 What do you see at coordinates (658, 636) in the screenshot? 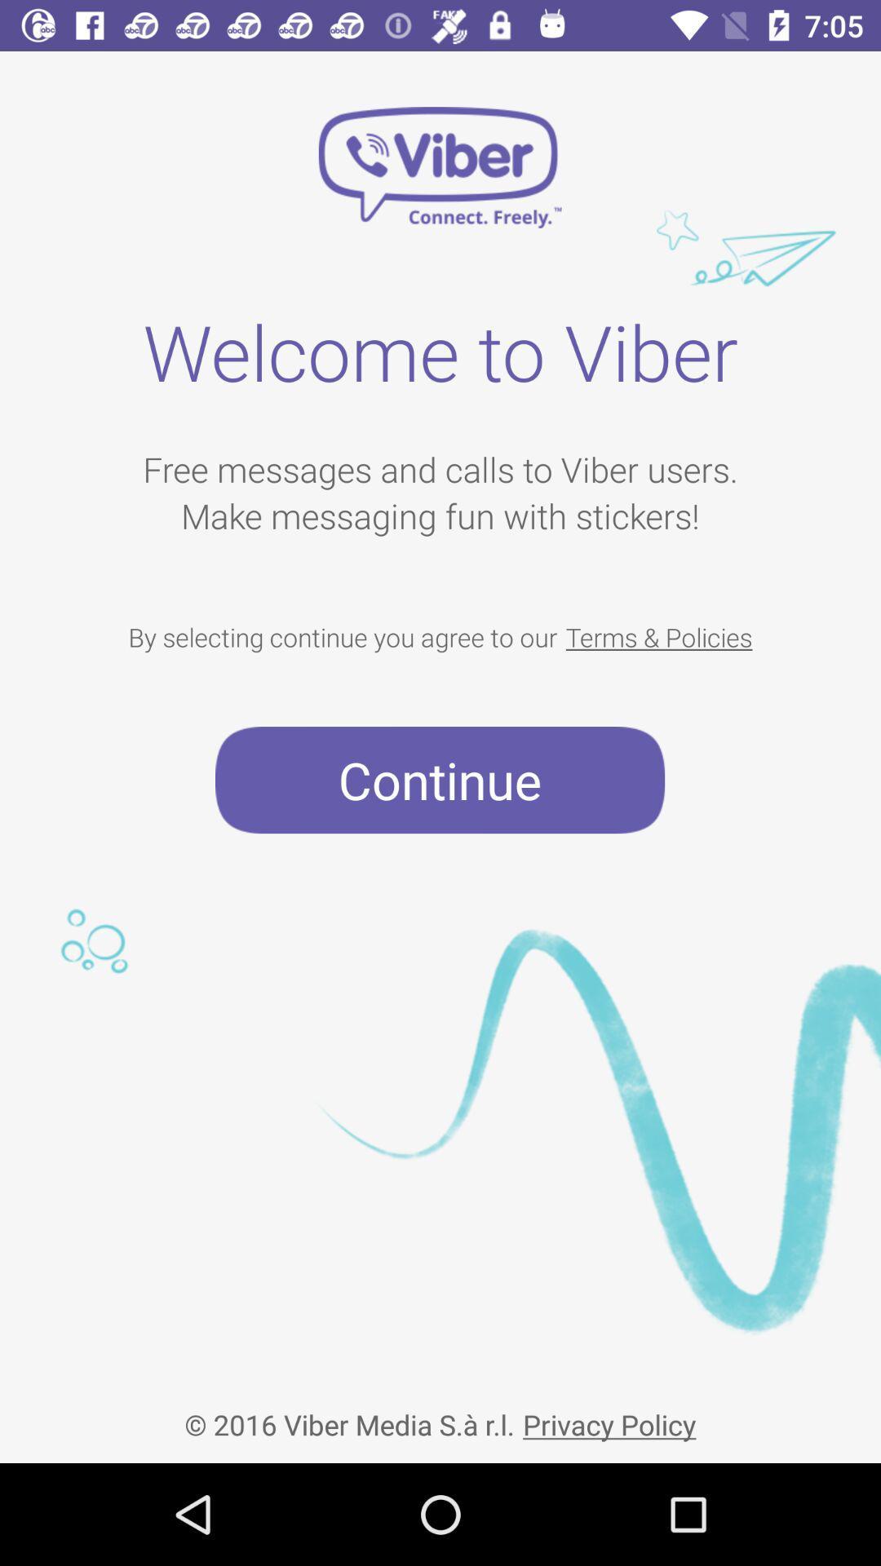
I see `terms & policies on the right` at bounding box center [658, 636].